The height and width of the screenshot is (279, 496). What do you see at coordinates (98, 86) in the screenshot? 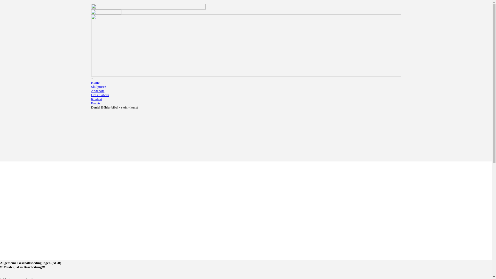
I see `'Skulpturen'` at bounding box center [98, 86].